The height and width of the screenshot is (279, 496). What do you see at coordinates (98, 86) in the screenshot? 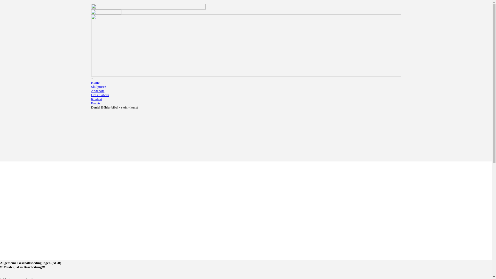
I see `'Skulpturen'` at bounding box center [98, 86].